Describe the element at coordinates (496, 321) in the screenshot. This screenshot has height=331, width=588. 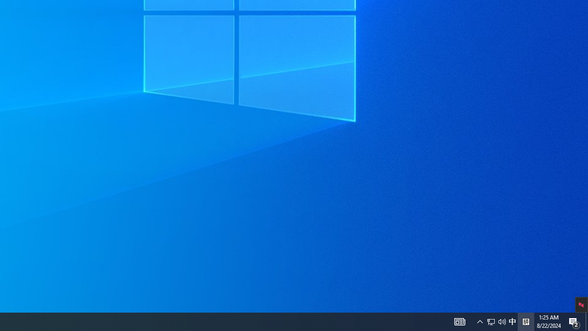
I see `'User Promoted Notification Area'` at that location.